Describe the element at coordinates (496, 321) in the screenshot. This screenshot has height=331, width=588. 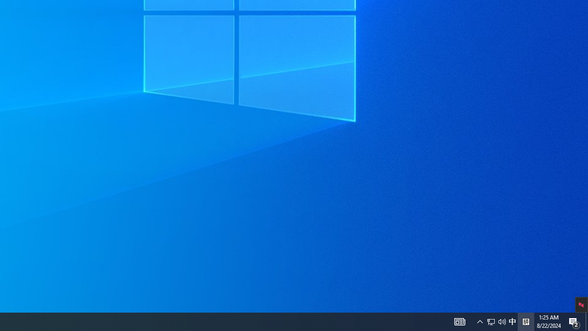
I see `'User Promoted Notification Area'` at that location.